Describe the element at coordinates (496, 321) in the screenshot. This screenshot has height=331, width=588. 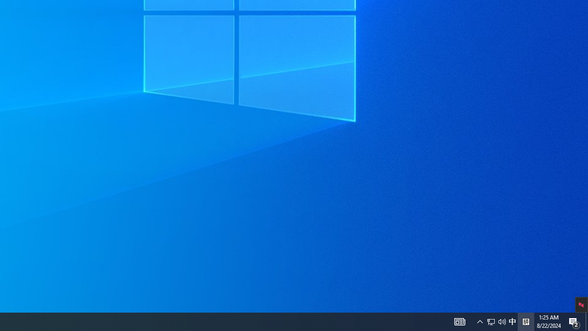
I see `'User Promoted Notification Area'` at that location.